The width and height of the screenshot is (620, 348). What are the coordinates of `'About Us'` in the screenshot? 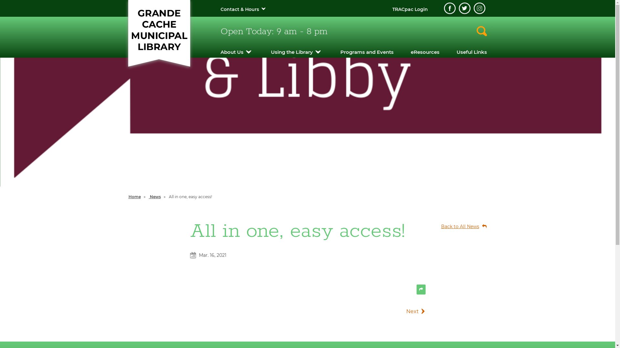 It's located at (220, 52).